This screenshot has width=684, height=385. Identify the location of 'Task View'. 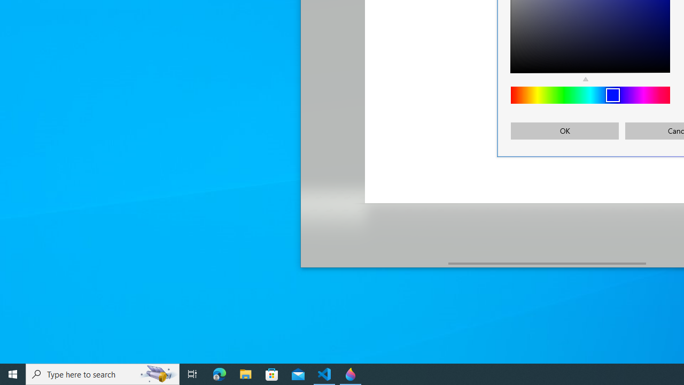
(192, 373).